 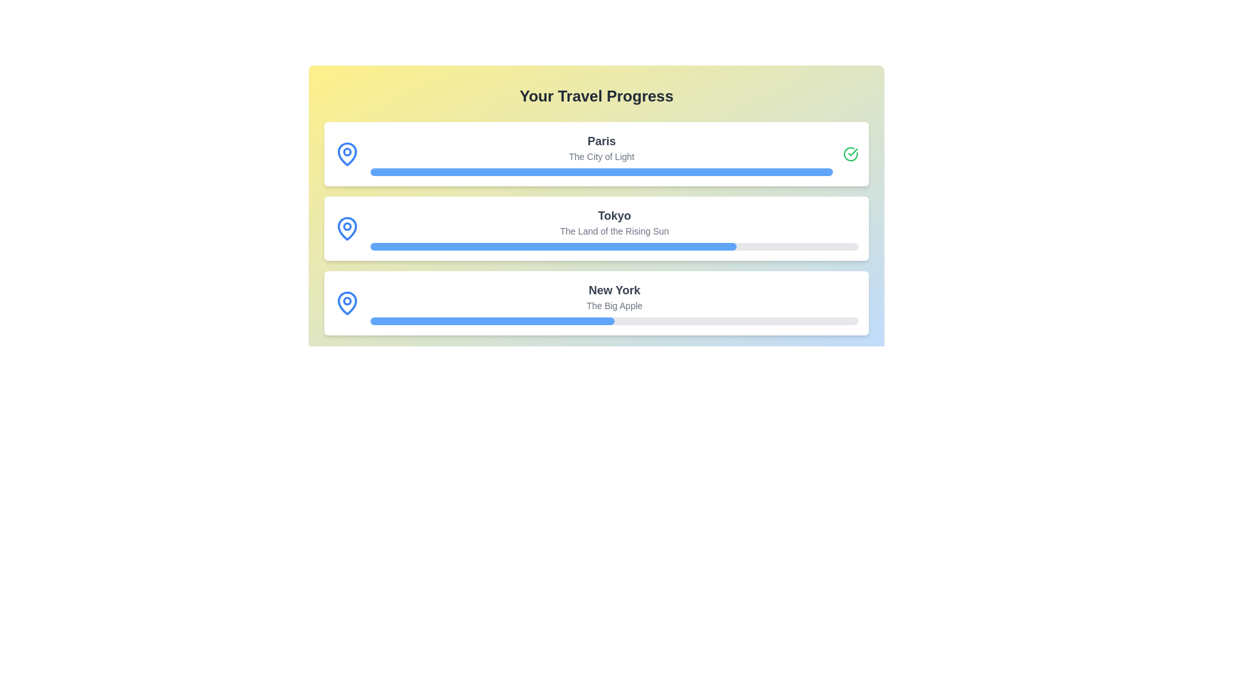 What do you see at coordinates (492, 321) in the screenshot?
I see `the progress indicator representing the current task status for 'New York' in the travel progress interface` at bounding box center [492, 321].